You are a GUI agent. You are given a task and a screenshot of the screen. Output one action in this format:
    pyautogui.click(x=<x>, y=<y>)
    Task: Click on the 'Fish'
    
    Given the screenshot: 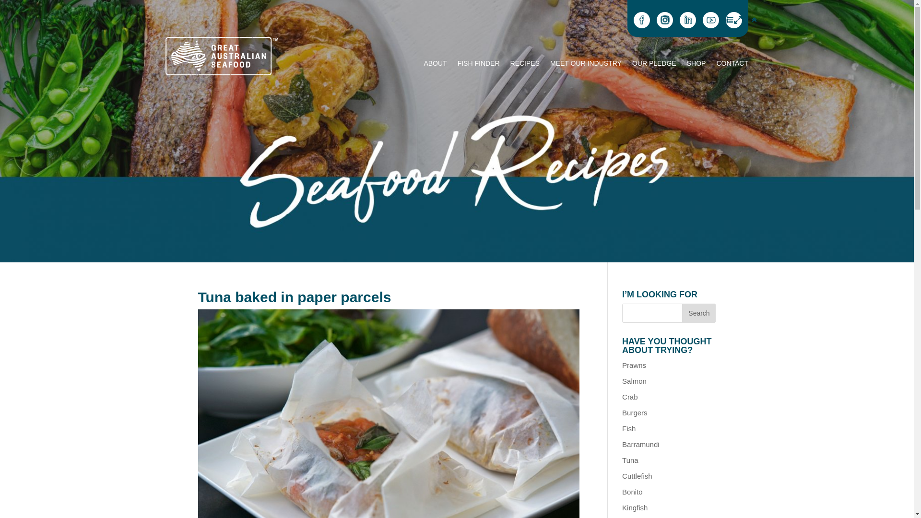 What is the action you would take?
    pyautogui.click(x=622, y=428)
    